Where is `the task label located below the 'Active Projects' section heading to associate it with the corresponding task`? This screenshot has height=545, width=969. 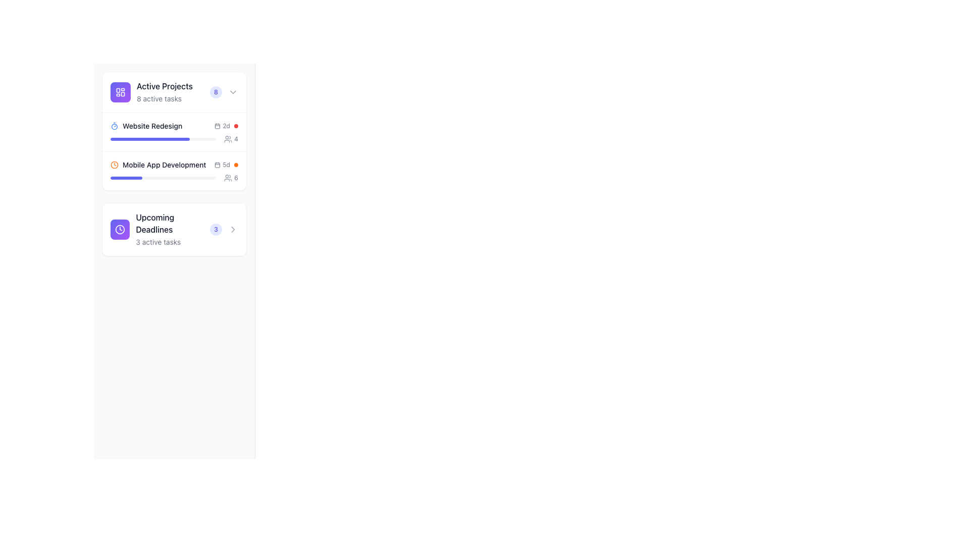
the task label located below the 'Active Projects' section heading to associate it with the corresponding task is located at coordinates (152, 126).